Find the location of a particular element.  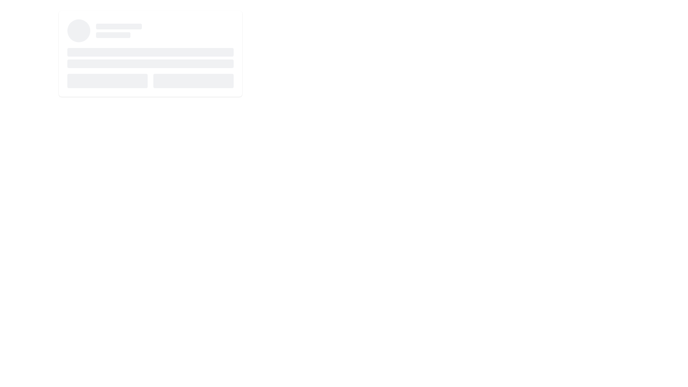

the top placeholder element with a light gray background and rounded corners, which has a pulsating animation effect and is positioned near the top of the interface is located at coordinates (119, 26).